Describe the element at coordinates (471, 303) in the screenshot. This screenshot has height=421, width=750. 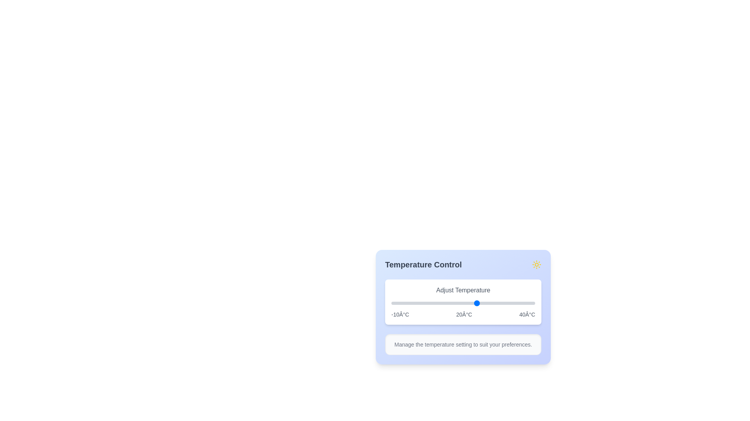
I see `the slider to set the temperature to 18°C` at that location.